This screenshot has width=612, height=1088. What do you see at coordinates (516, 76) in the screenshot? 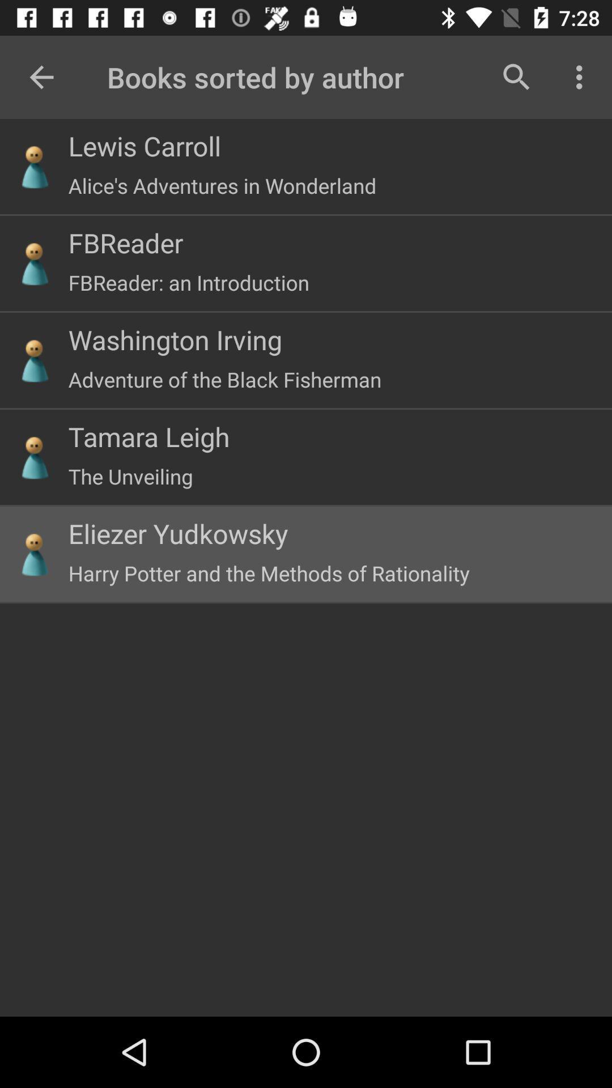
I see `the item to the right of books sorted by icon` at bounding box center [516, 76].